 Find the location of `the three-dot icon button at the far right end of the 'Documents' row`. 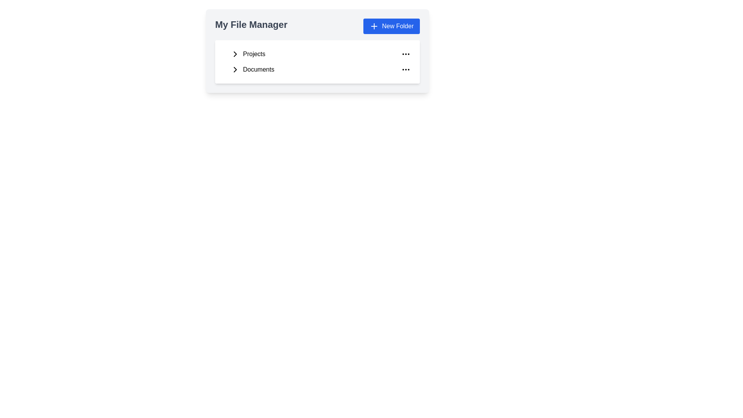

the three-dot icon button at the far right end of the 'Documents' row is located at coordinates (406, 70).